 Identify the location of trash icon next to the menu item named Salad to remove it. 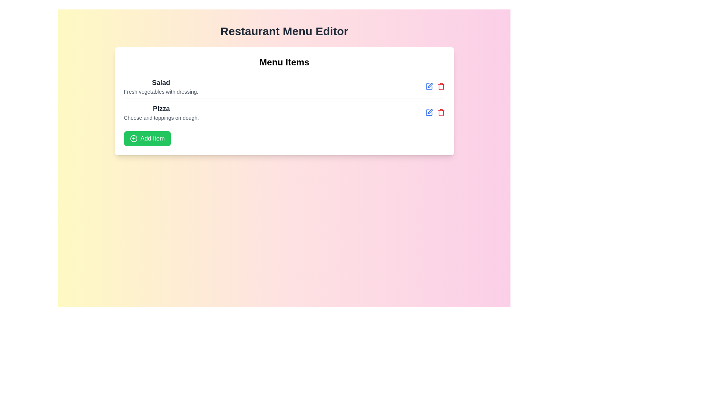
(441, 86).